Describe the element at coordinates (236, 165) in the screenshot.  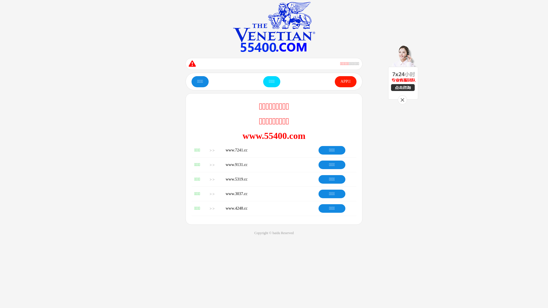
I see `'www.9131.cc'` at that location.